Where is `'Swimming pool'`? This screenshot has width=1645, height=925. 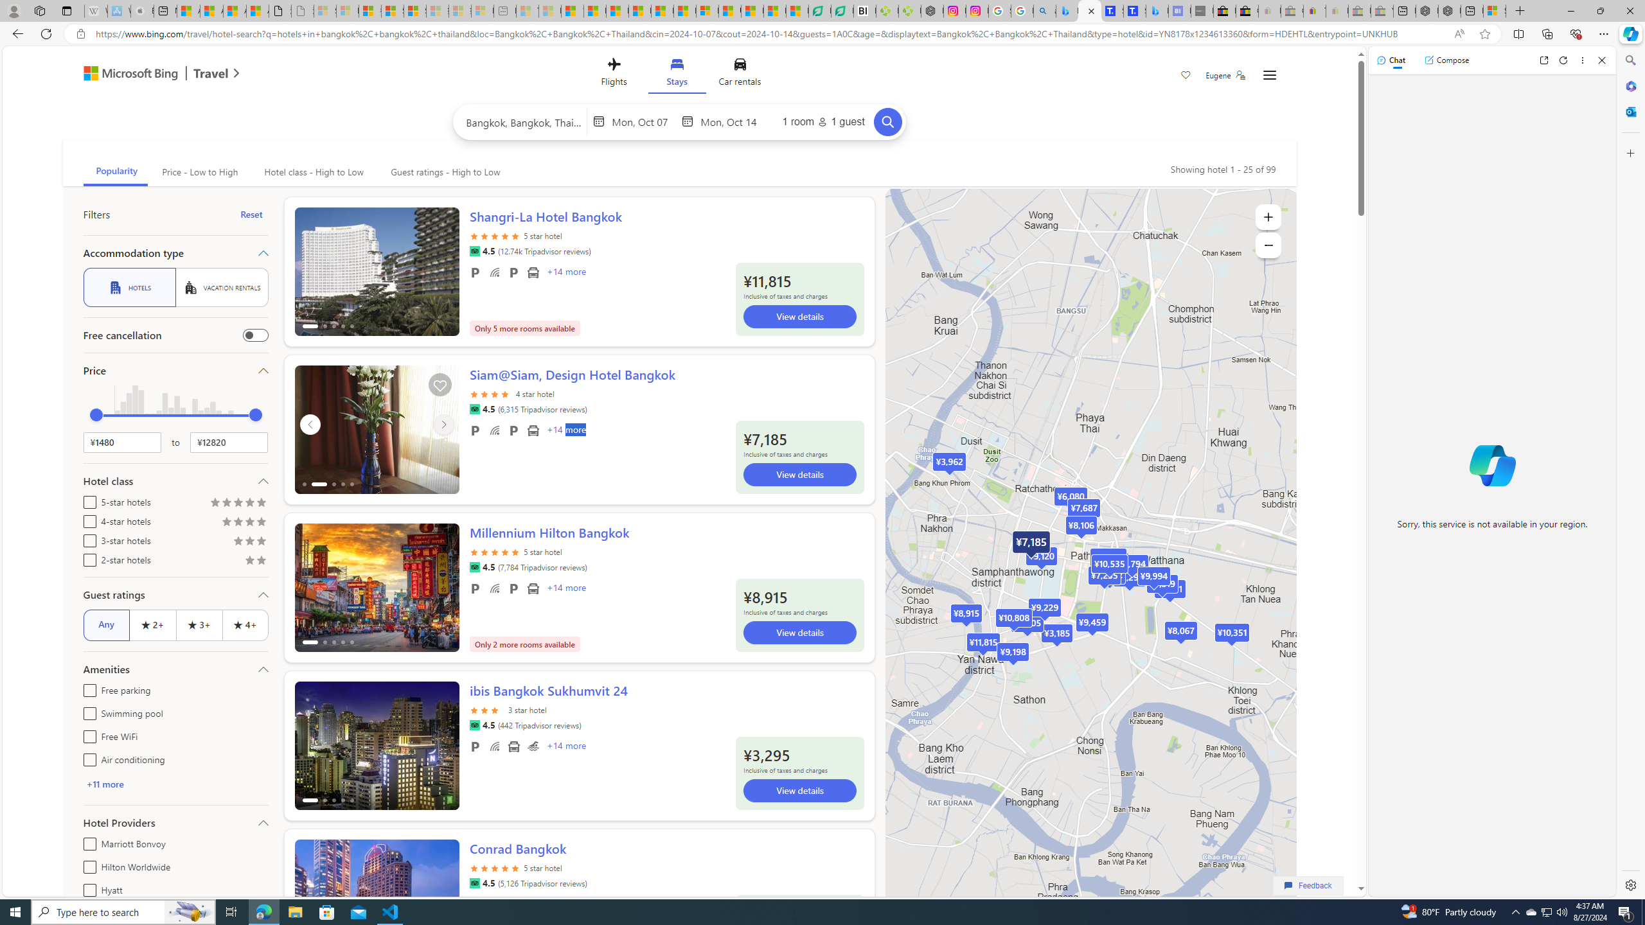 'Swimming pool' is located at coordinates (86, 711).